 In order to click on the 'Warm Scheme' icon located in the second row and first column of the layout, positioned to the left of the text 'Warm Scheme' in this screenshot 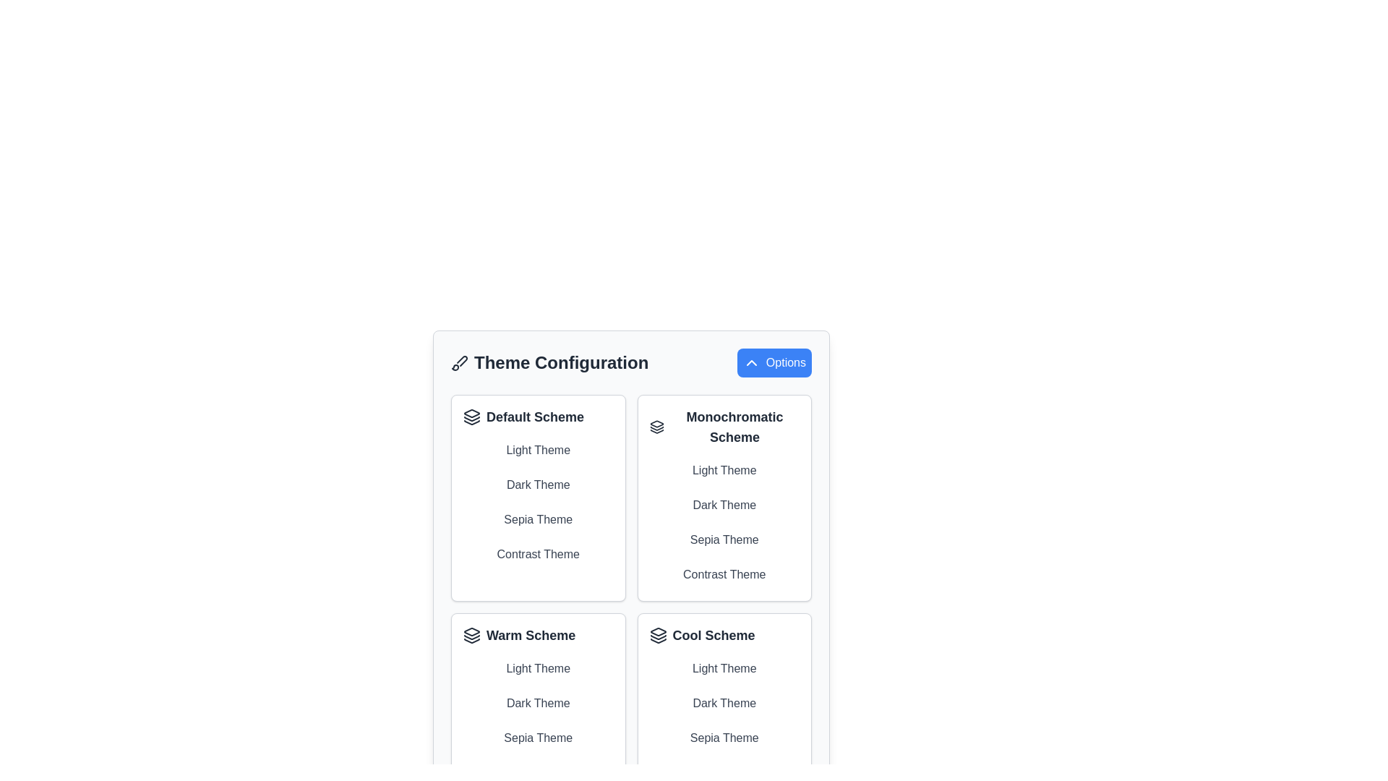, I will do `click(471, 635)`.